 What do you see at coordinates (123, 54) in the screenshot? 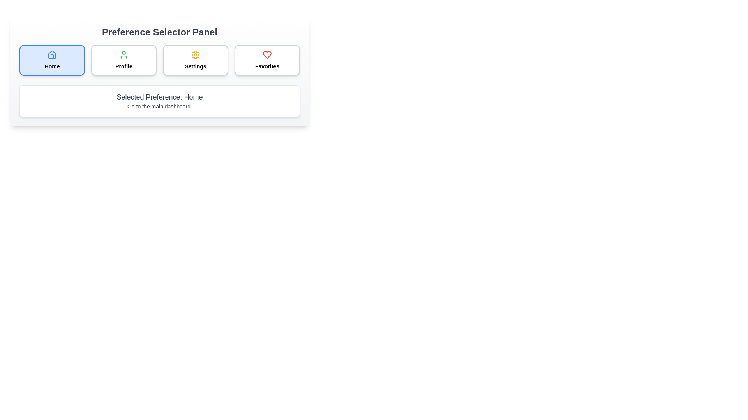
I see `the 'Profile' button, which contains a user icon represented as a green outline of a person` at bounding box center [123, 54].